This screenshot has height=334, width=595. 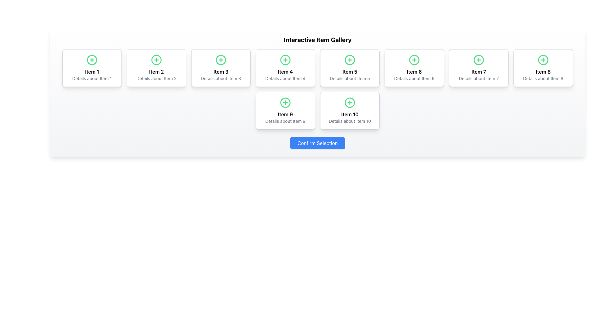 I want to click on the add or select button located at the top of the Item 4 card in the interactive item gallery, so click(x=285, y=60).